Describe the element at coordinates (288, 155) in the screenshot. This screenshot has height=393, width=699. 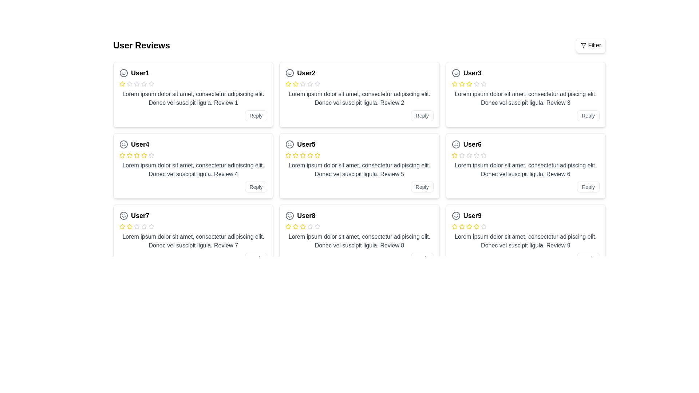
I see `the first star in the five-star rating system below the 'User5' label` at that location.